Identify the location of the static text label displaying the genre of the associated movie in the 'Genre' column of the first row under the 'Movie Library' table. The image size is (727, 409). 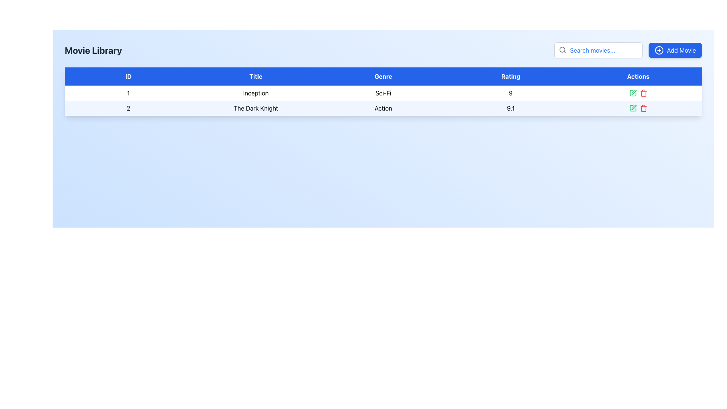
(383, 93).